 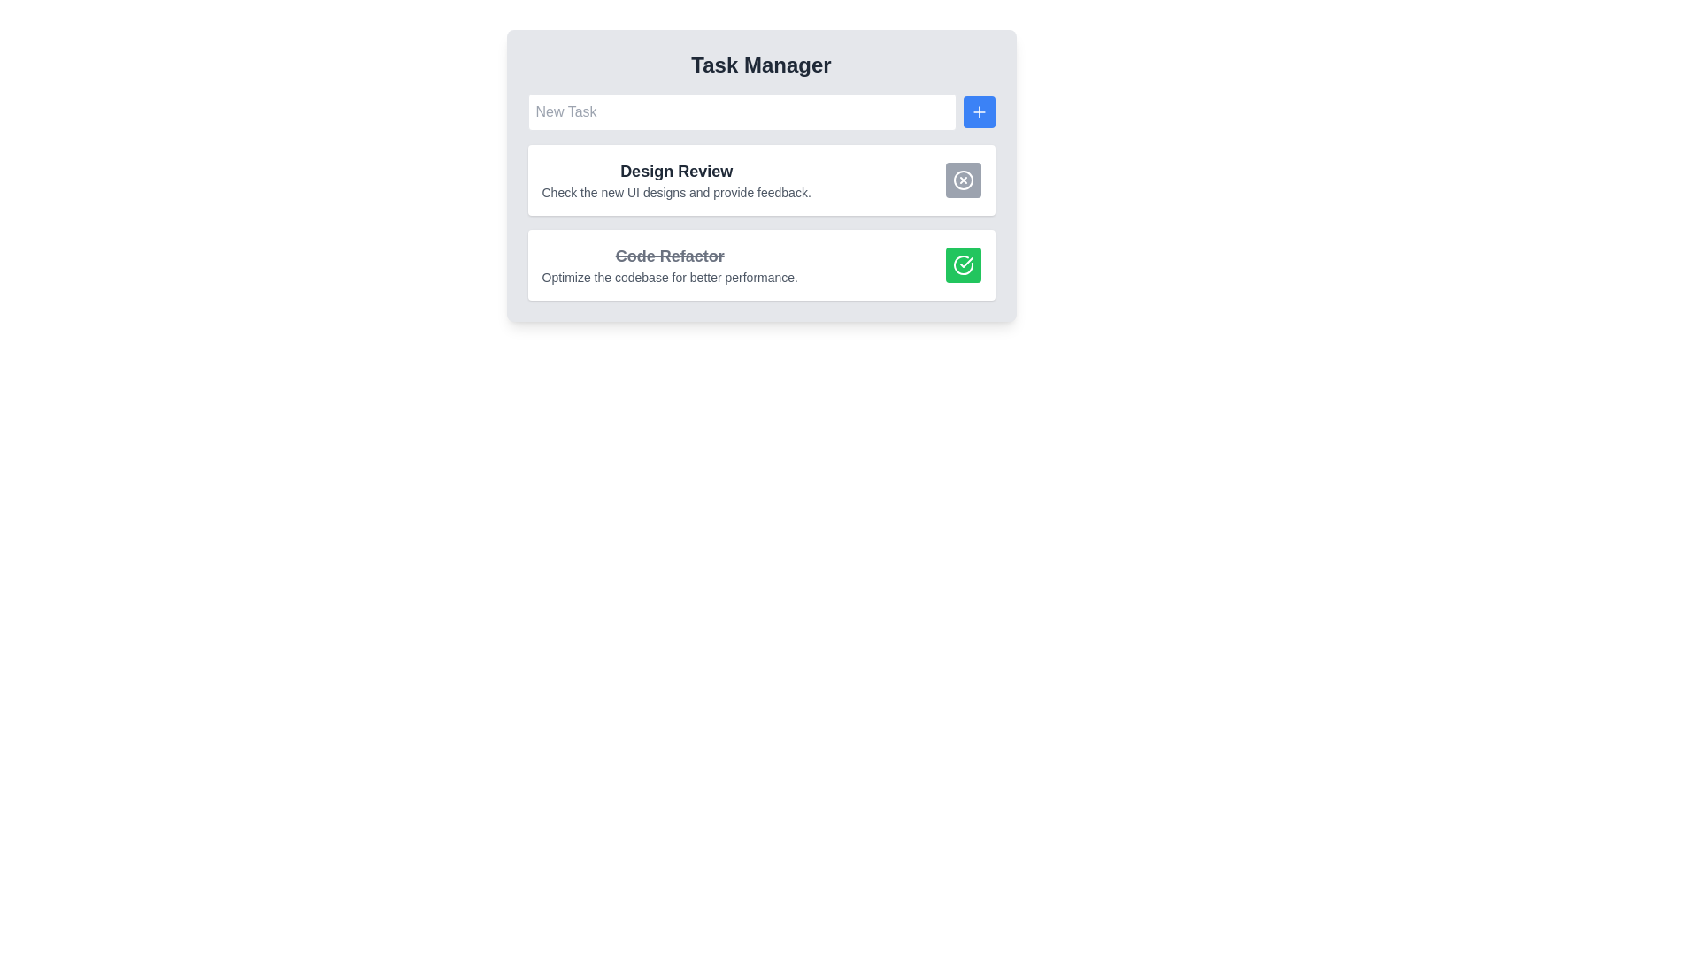 What do you see at coordinates (761, 265) in the screenshot?
I see `the green circular button with a checkmark icon on the Task item labeled 'Code Refactor' to mark the task as done` at bounding box center [761, 265].